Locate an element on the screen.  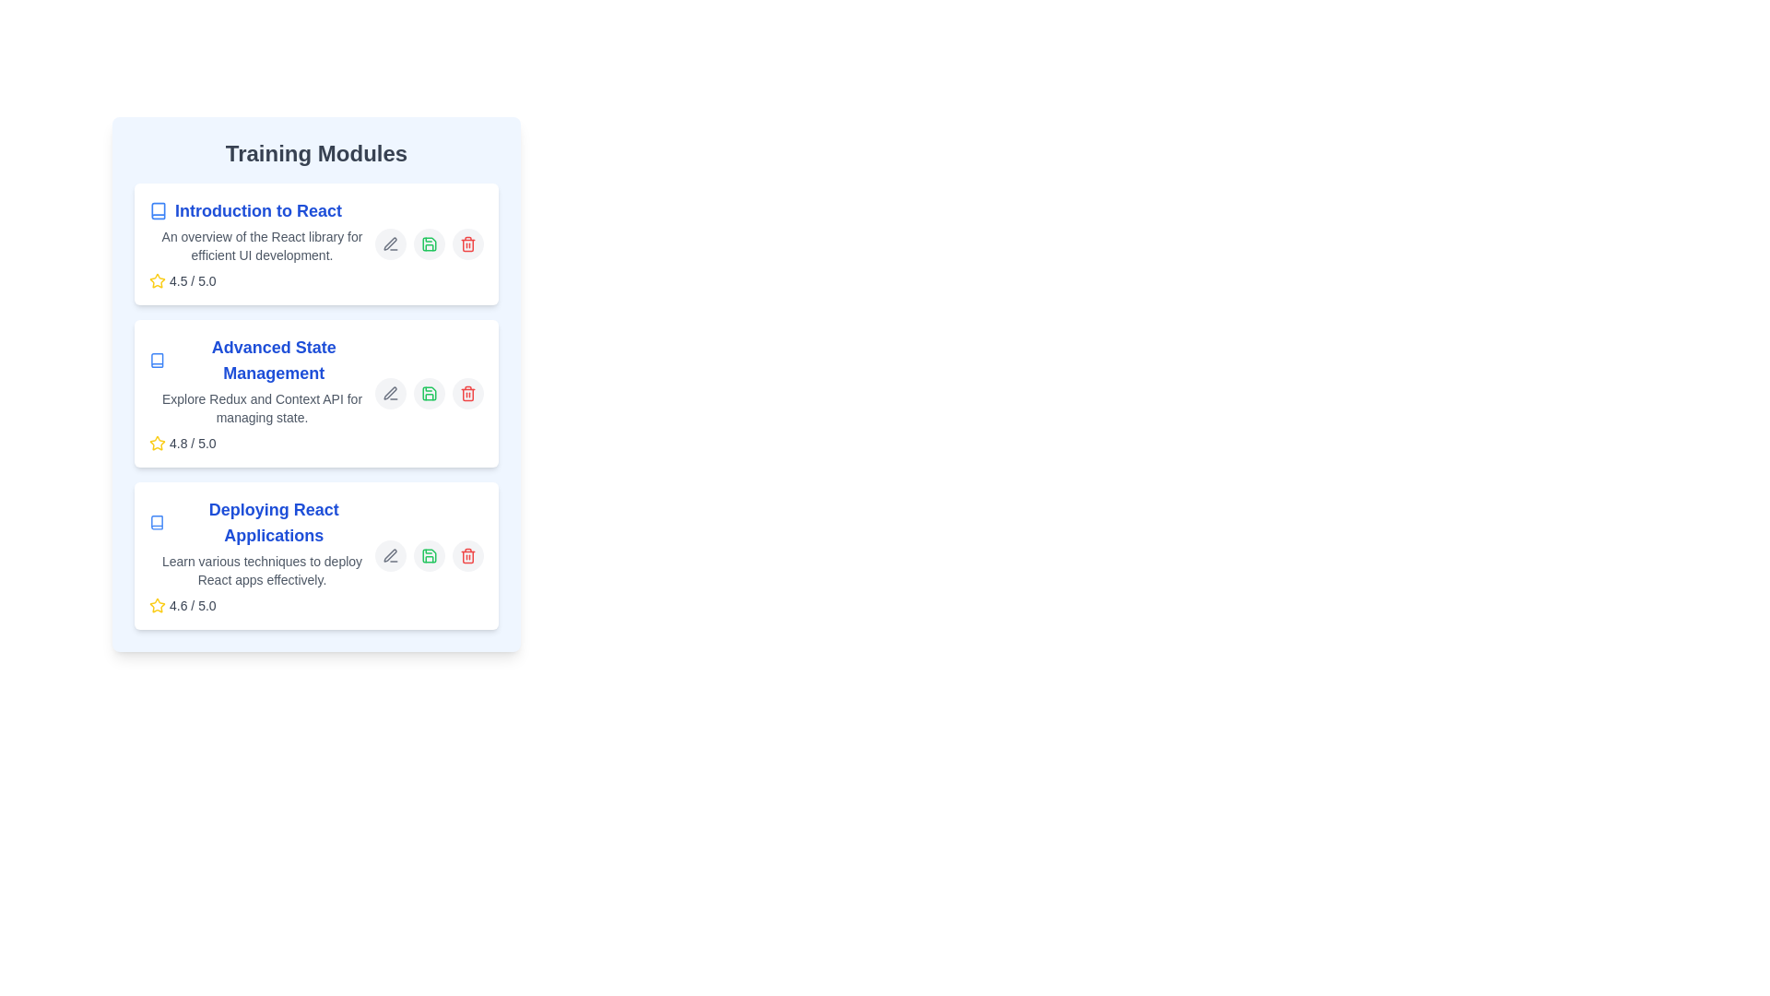
the middle icon button, which is green and located to the right of the text 'Advanced State Management' is located at coordinates (428, 393).